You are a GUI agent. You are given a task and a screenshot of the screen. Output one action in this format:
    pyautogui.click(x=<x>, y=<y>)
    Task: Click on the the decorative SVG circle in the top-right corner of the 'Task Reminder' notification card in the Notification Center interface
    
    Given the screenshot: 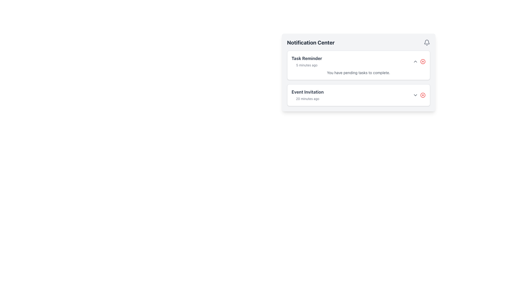 What is the action you would take?
    pyautogui.click(x=422, y=61)
    